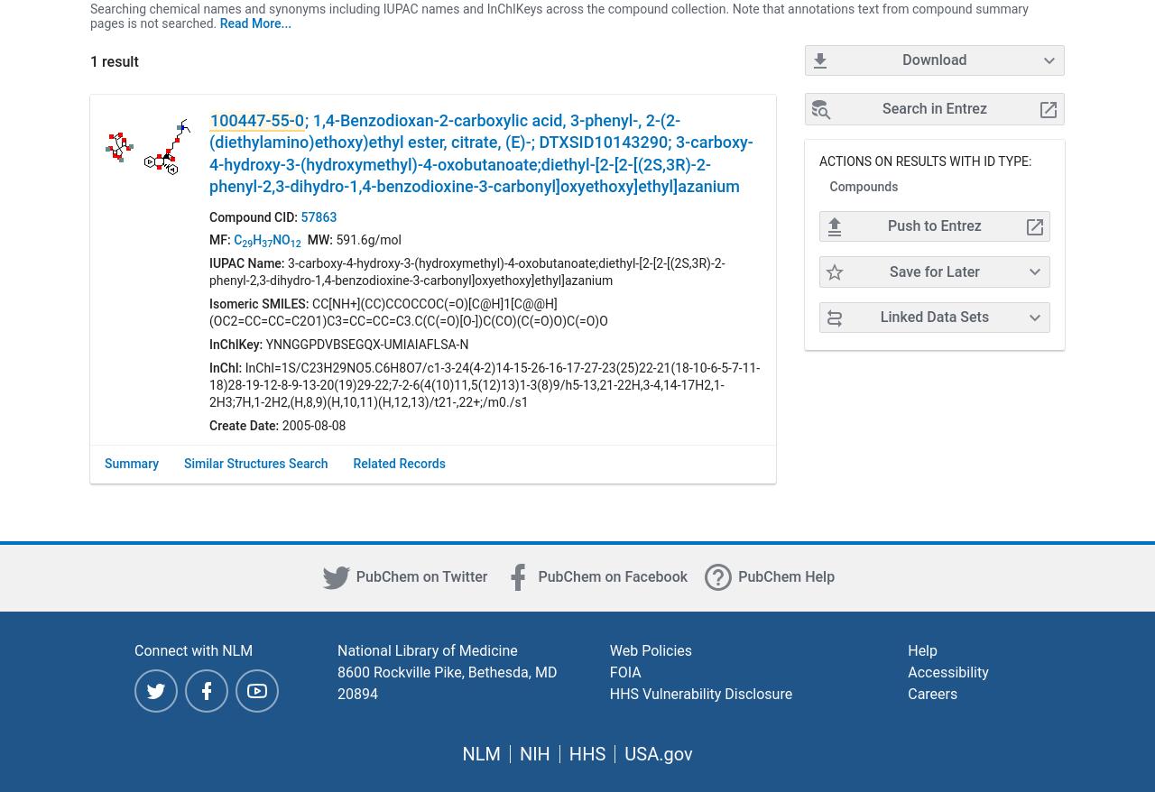 This screenshot has height=792, width=1155. Describe the element at coordinates (934, 226) in the screenshot. I see `'Push to Entrez'` at that location.